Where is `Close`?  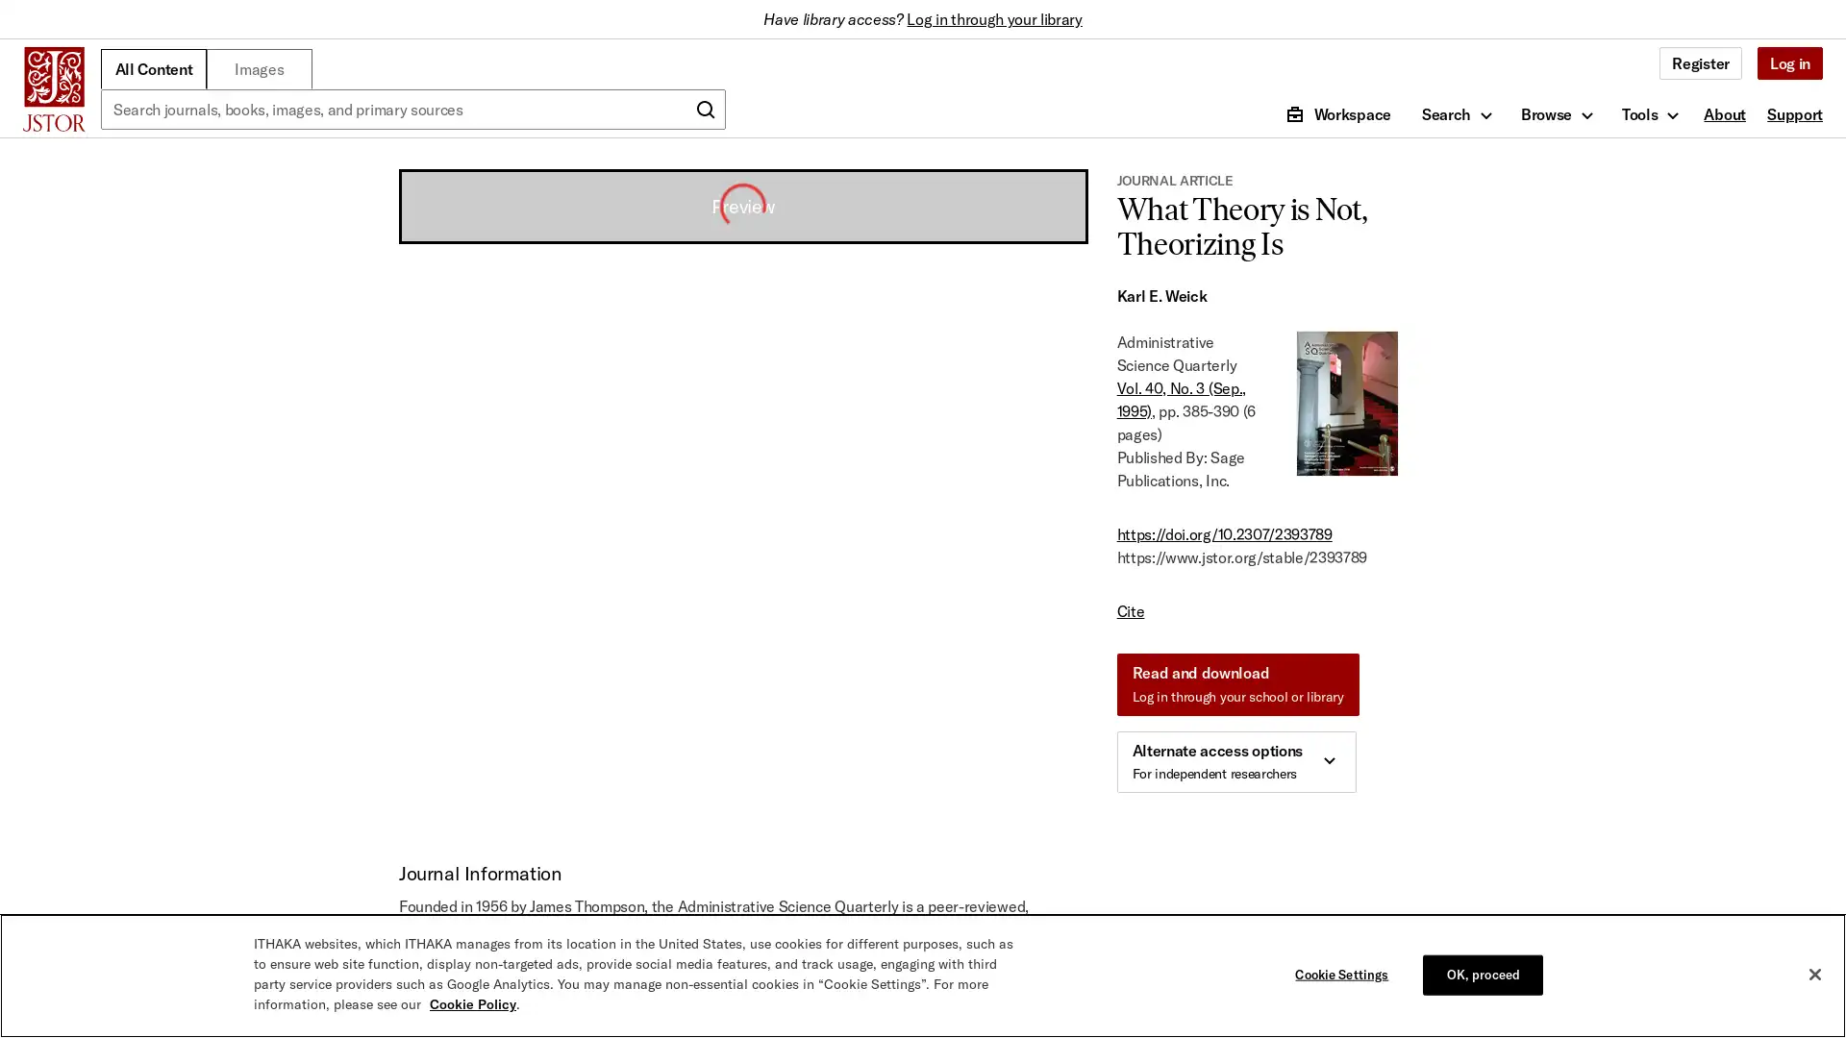
Close is located at coordinates (1813, 975).